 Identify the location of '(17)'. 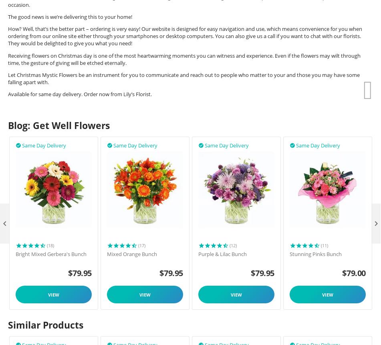
(141, 245).